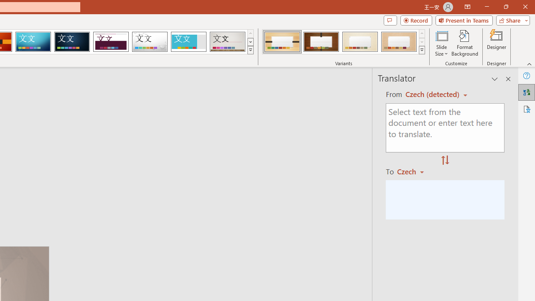 This screenshot has height=301, width=535. Describe the element at coordinates (282, 42) in the screenshot. I see `'Organic Variant 1'` at that location.